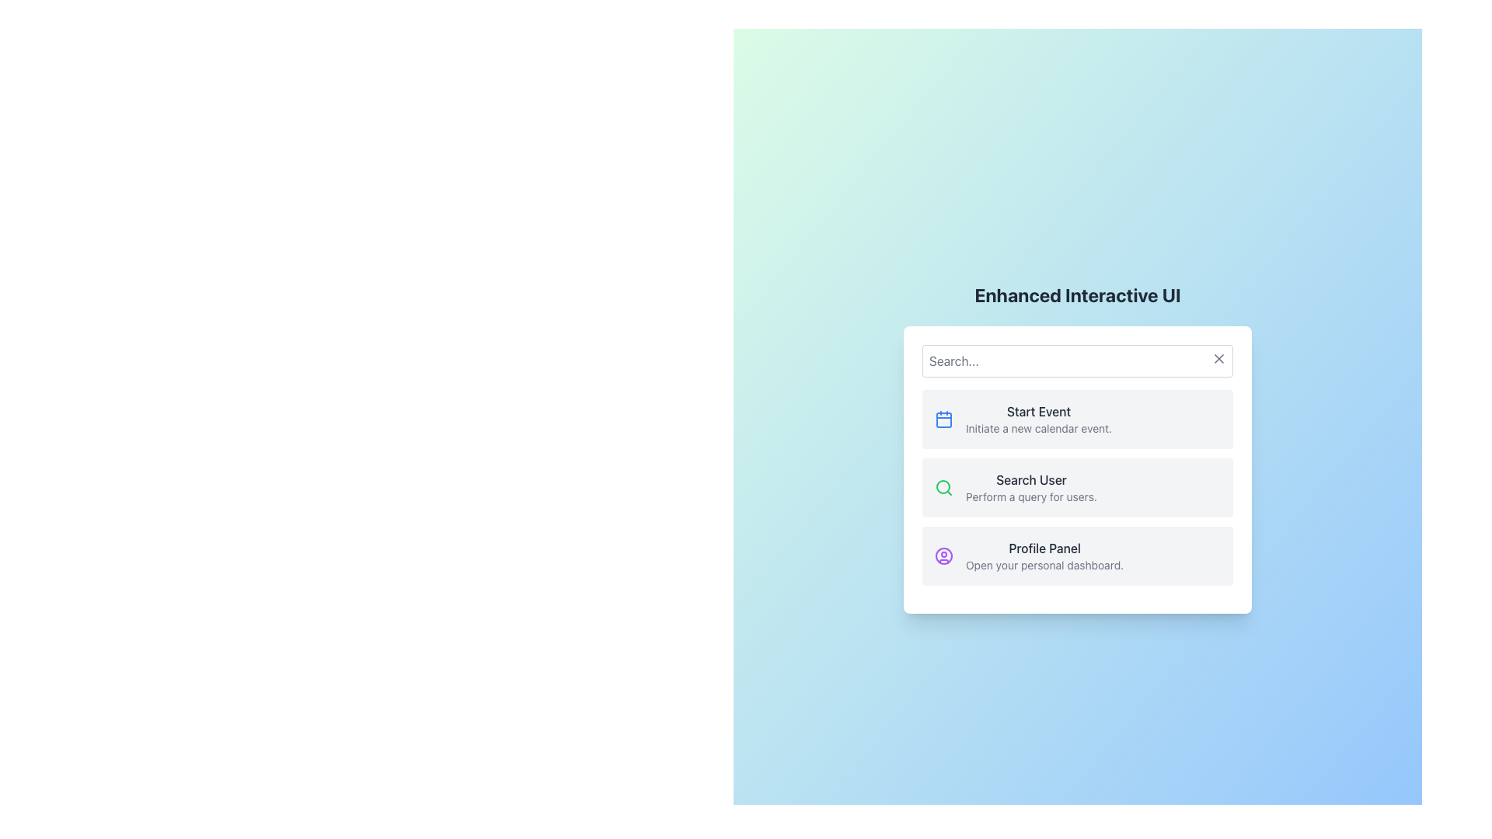 The height and width of the screenshot is (839, 1492). Describe the element at coordinates (1077, 295) in the screenshot. I see `text from the Header element located at the top center of the interface, above the options panel` at that location.